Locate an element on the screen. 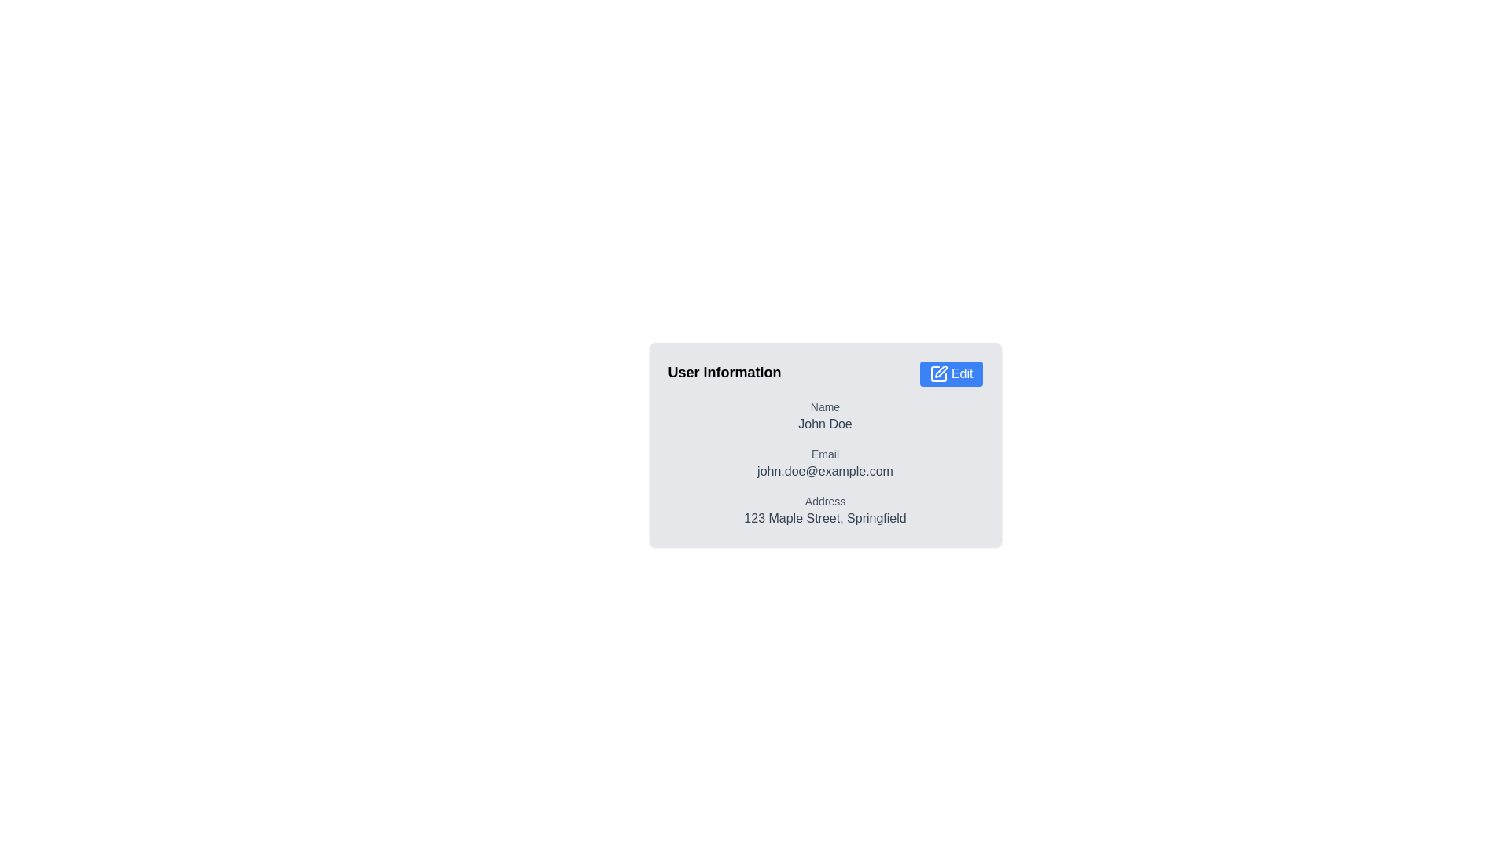 This screenshot has height=849, width=1510. the read-only display for the user's name, which is the first information field in the user information card, positioned below the 'User Information' title and above the 'Email' field is located at coordinates (824, 415).